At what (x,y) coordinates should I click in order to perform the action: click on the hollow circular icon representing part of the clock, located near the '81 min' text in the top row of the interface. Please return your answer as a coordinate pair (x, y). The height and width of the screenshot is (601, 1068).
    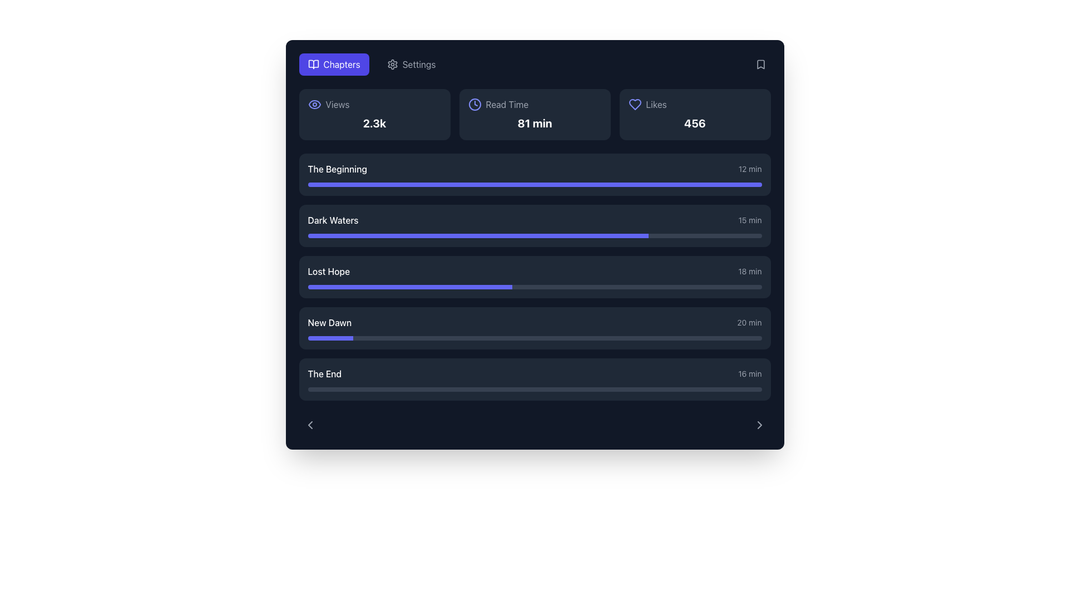
    Looking at the image, I should click on (474, 105).